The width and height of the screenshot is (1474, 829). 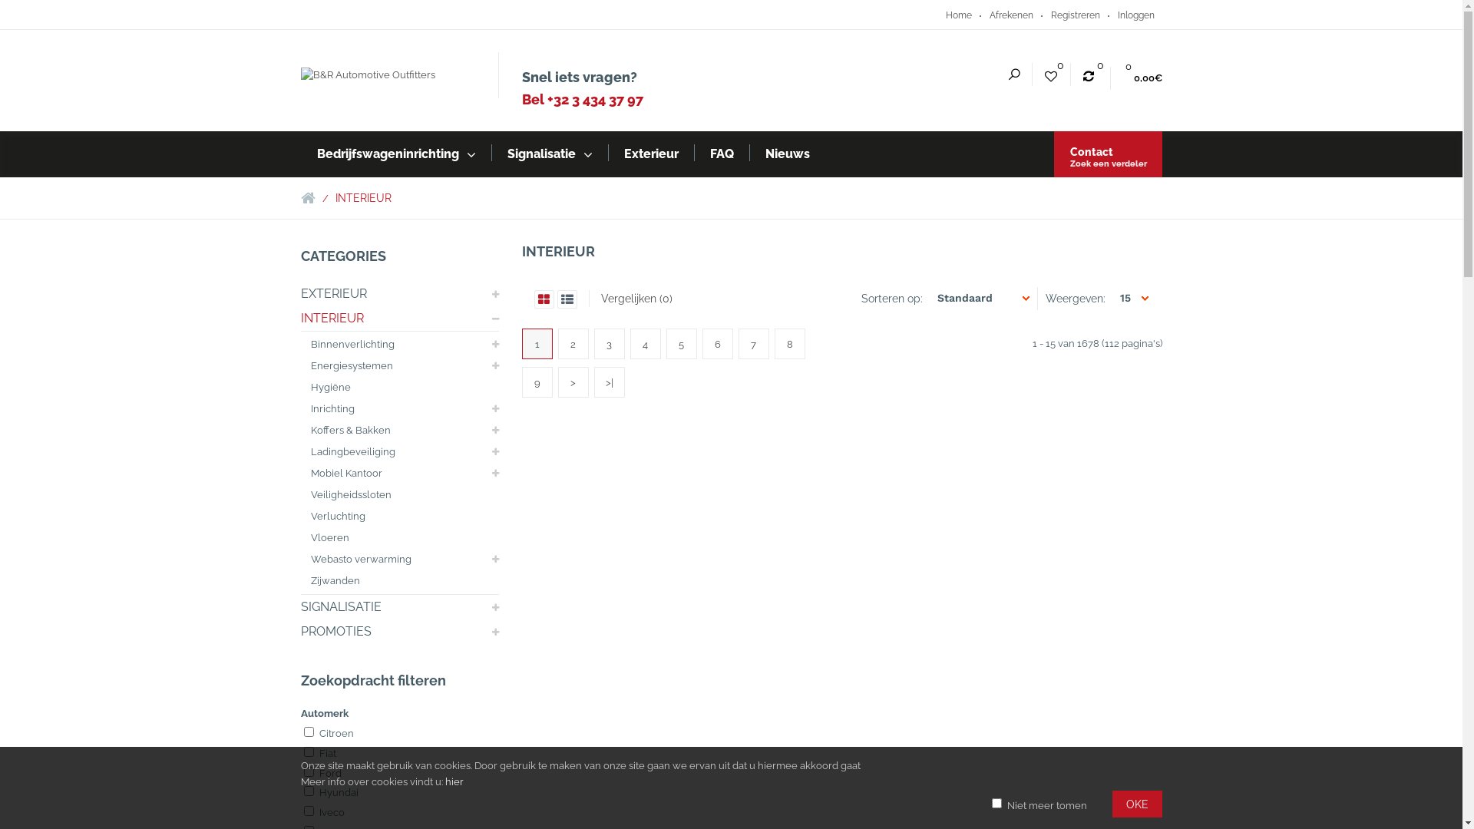 I want to click on 'Grid', so click(x=544, y=299).